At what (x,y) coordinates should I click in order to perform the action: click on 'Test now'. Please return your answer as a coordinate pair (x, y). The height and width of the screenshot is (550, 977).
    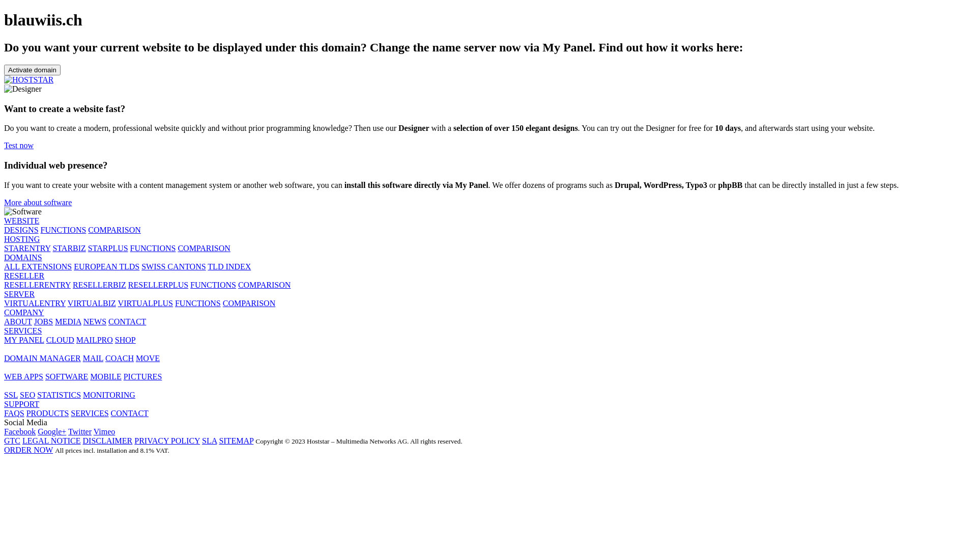
    Looking at the image, I should click on (19, 145).